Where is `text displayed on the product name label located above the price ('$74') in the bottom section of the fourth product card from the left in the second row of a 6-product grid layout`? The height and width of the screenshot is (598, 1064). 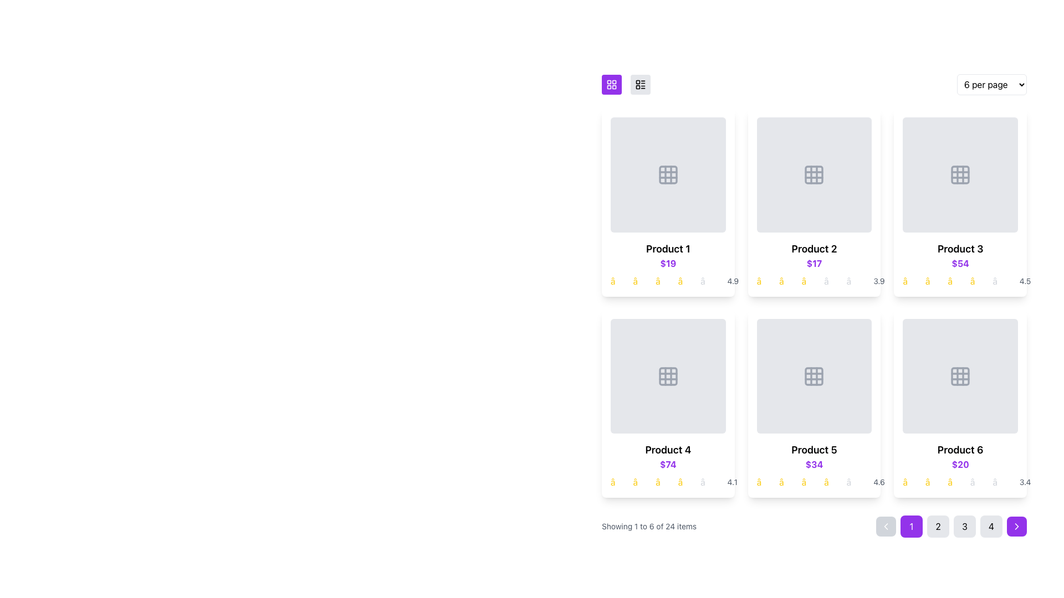
text displayed on the product name label located above the price ('$74') in the bottom section of the fourth product card from the left in the second row of a 6-product grid layout is located at coordinates (667, 450).